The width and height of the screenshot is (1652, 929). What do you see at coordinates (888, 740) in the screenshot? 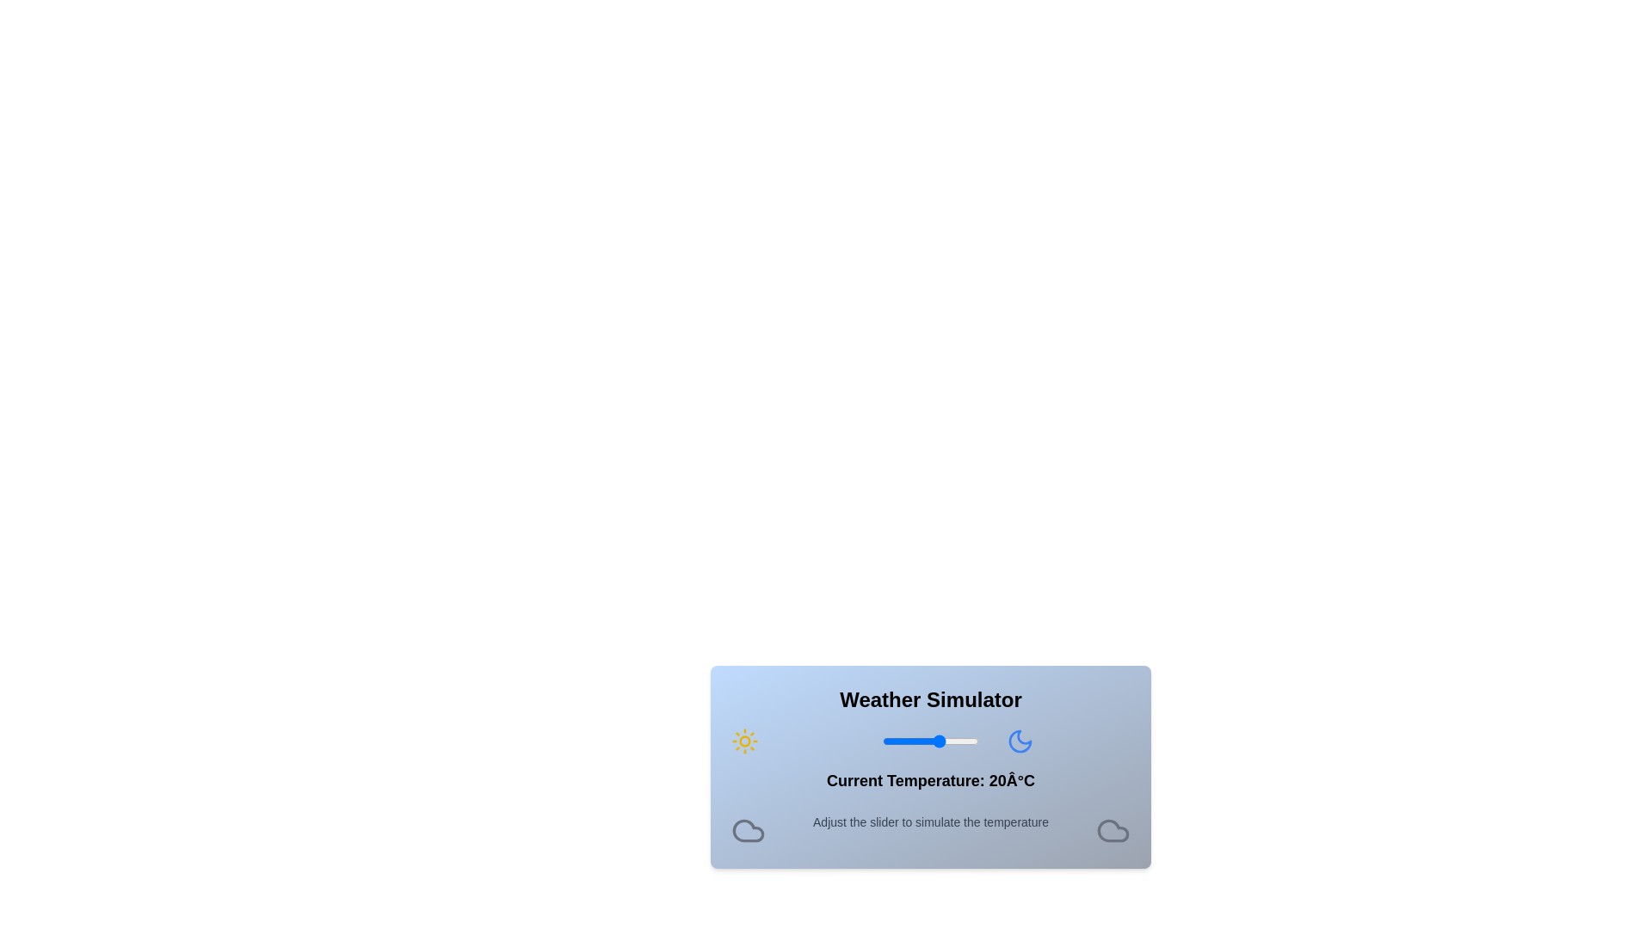
I see `the temperature slider to set the temperature to -7 degrees Celsius` at bounding box center [888, 740].